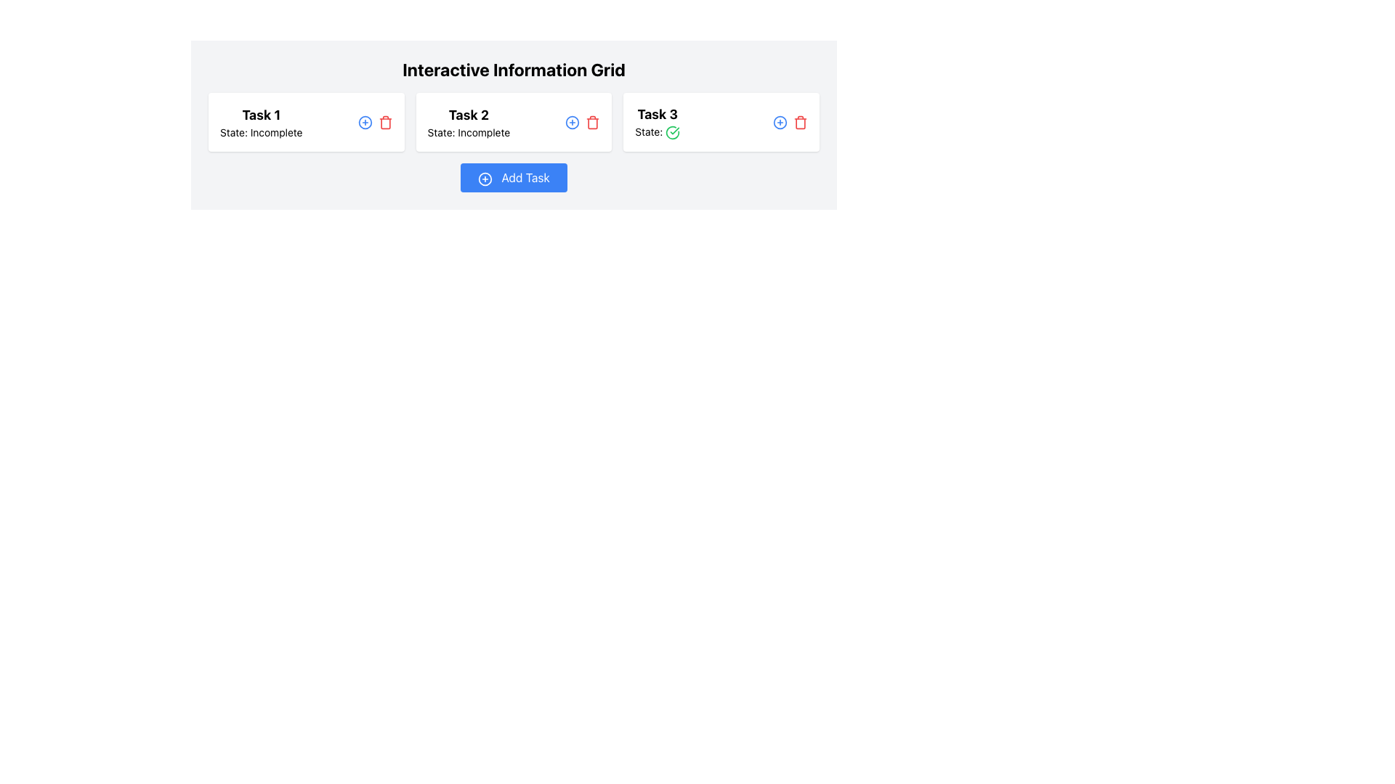  What do you see at coordinates (261, 132) in the screenshot?
I see `the informational Text label indicating the current state of Task 1` at bounding box center [261, 132].